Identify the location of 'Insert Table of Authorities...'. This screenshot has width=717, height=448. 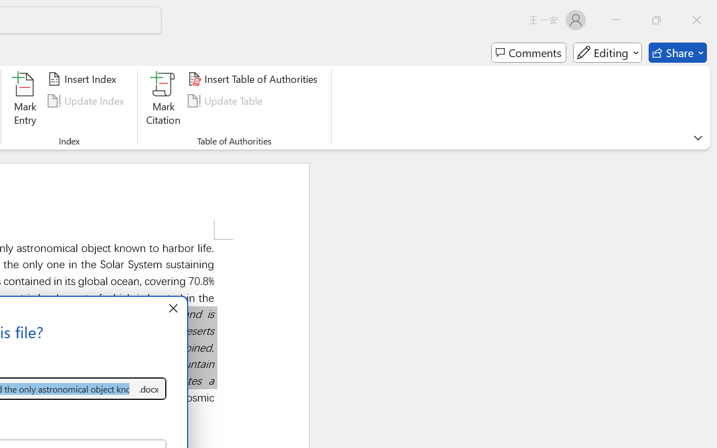
(254, 79).